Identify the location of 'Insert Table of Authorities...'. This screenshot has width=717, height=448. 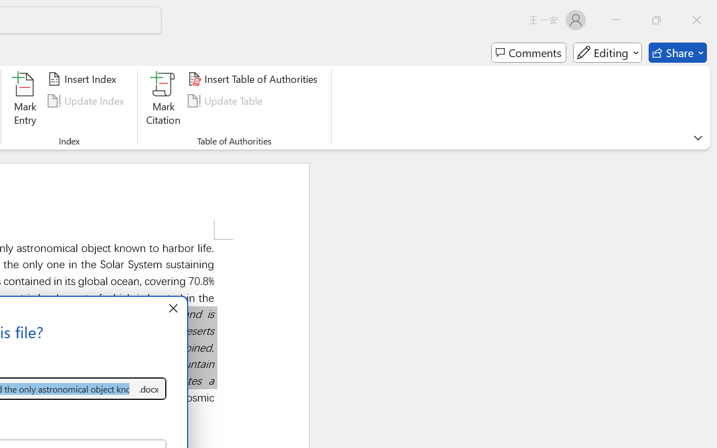
(254, 79).